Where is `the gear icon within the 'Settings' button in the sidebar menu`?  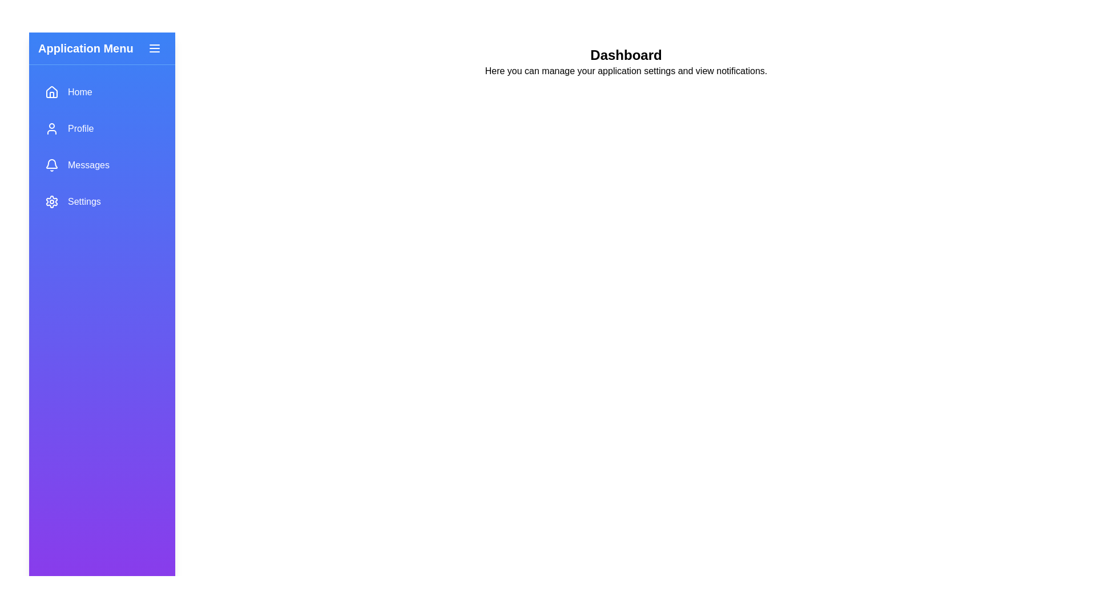
the gear icon within the 'Settings' button in the sidebar menu is located at coordinates (51, 201).